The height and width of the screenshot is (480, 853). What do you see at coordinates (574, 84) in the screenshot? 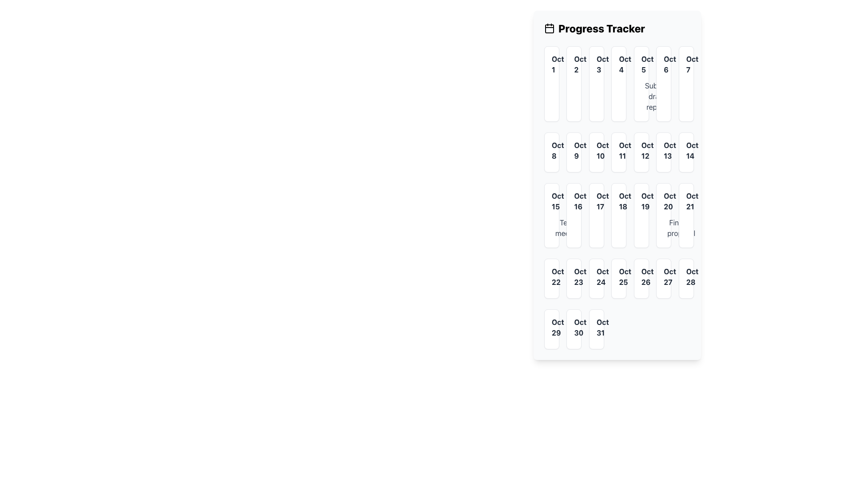
I see `the Date Cell representing 'Oct 2' in the calendar, which is the second cell of the first row, adjacent to 'Oct 1' and 'Oct 3'` at bounding box center [574, 84].